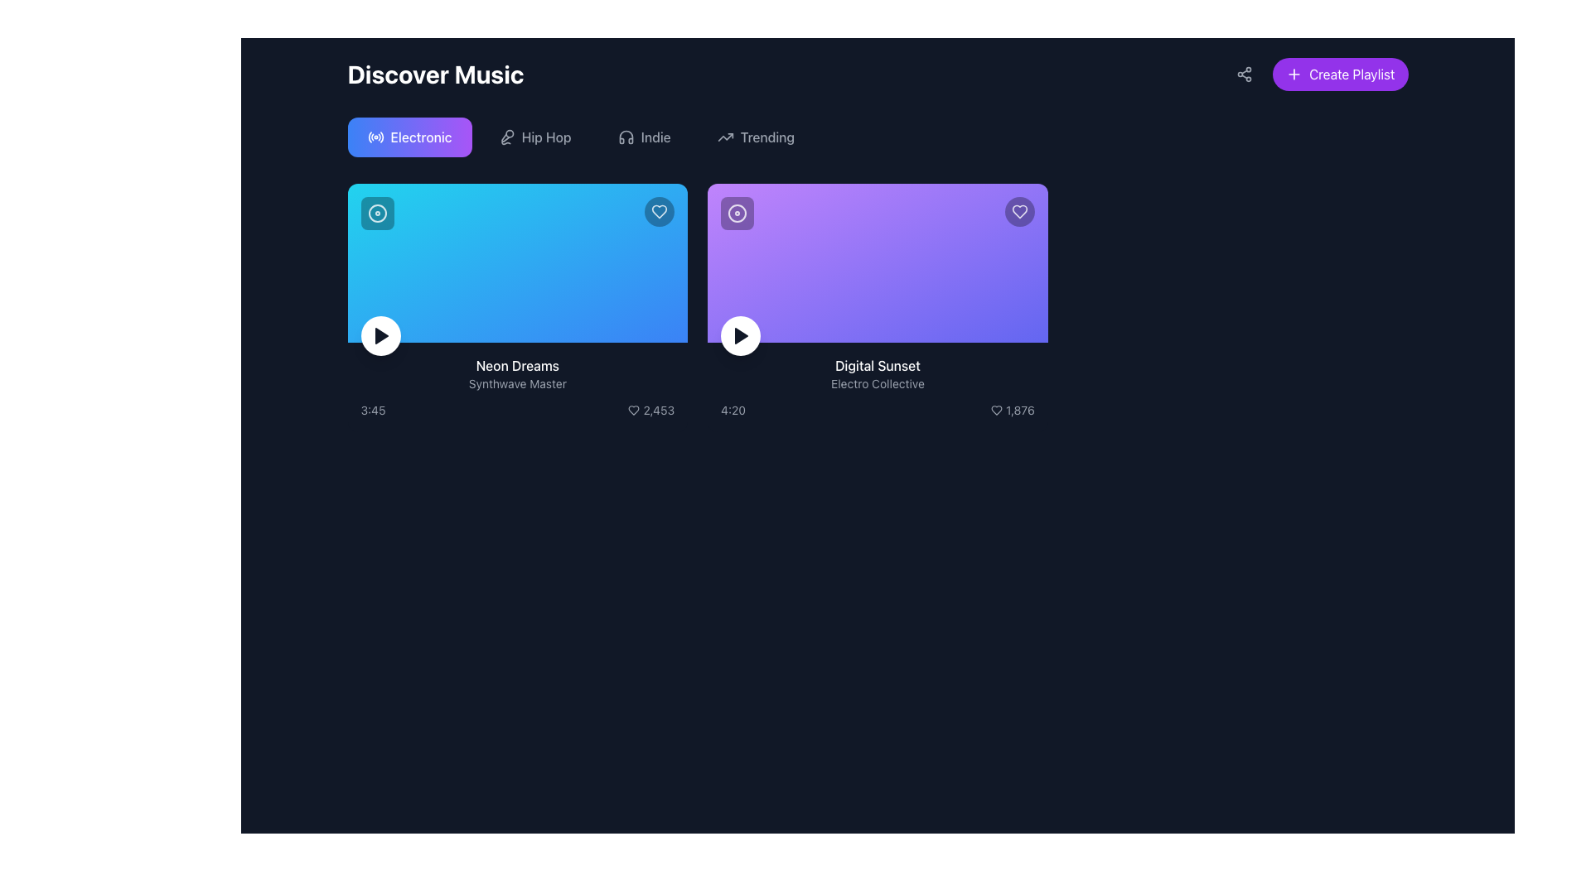  Describe the element at coordinates (650, 410) in the screenshot. I see `the heart icon representing the like count for the 'Neon Dreams' content located at the bottom left area of the card, below the song title and to the right of the song duration` at that location.